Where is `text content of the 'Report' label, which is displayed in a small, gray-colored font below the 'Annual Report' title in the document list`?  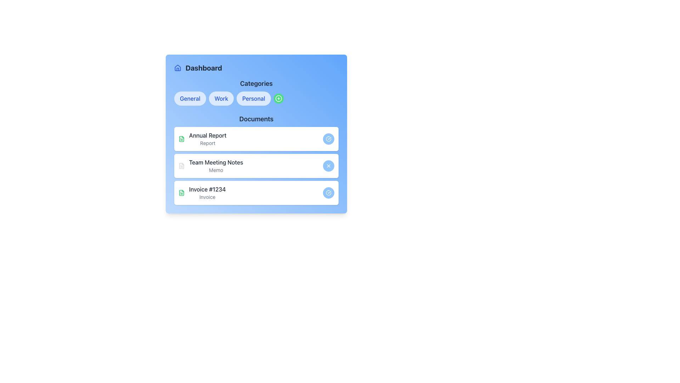
text content of the 'Report' label, which is displayed in a small, gray-colored font below the 'Annual Report' title in the document list is located at coordinates (207, 143).